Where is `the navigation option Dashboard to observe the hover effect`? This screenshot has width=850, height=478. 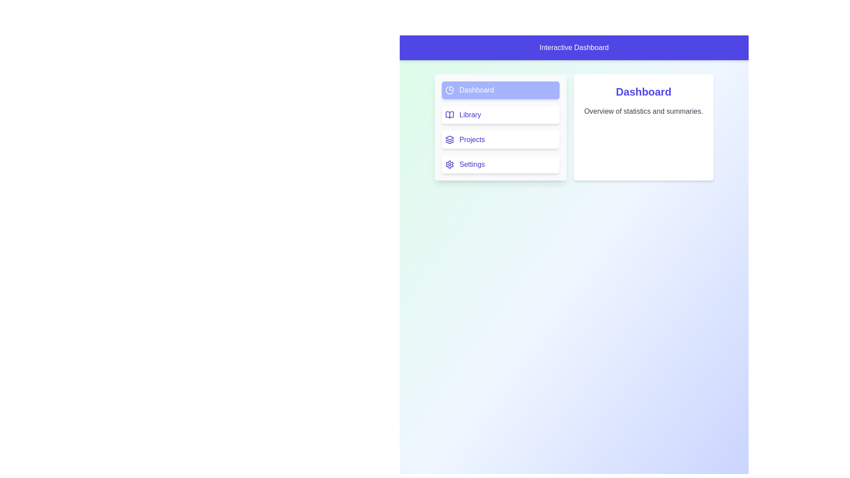
the navigation option Dashboard to observe the hover effect is located at coordinates (500, 90).